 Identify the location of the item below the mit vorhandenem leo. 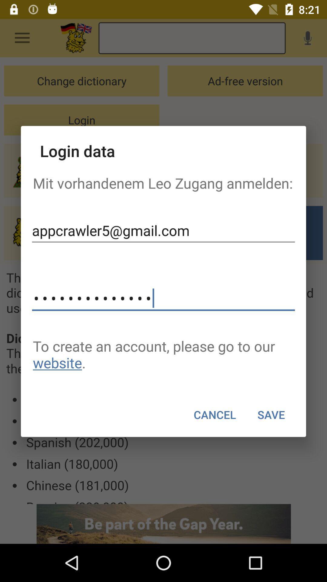
(163, 230).